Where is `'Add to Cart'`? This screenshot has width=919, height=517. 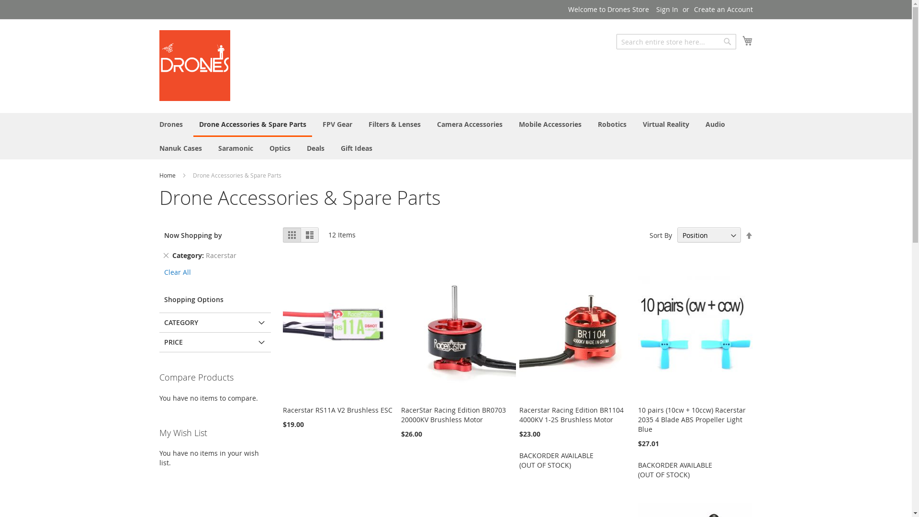 'Add to Cart' is located at coordinates (183, 444).